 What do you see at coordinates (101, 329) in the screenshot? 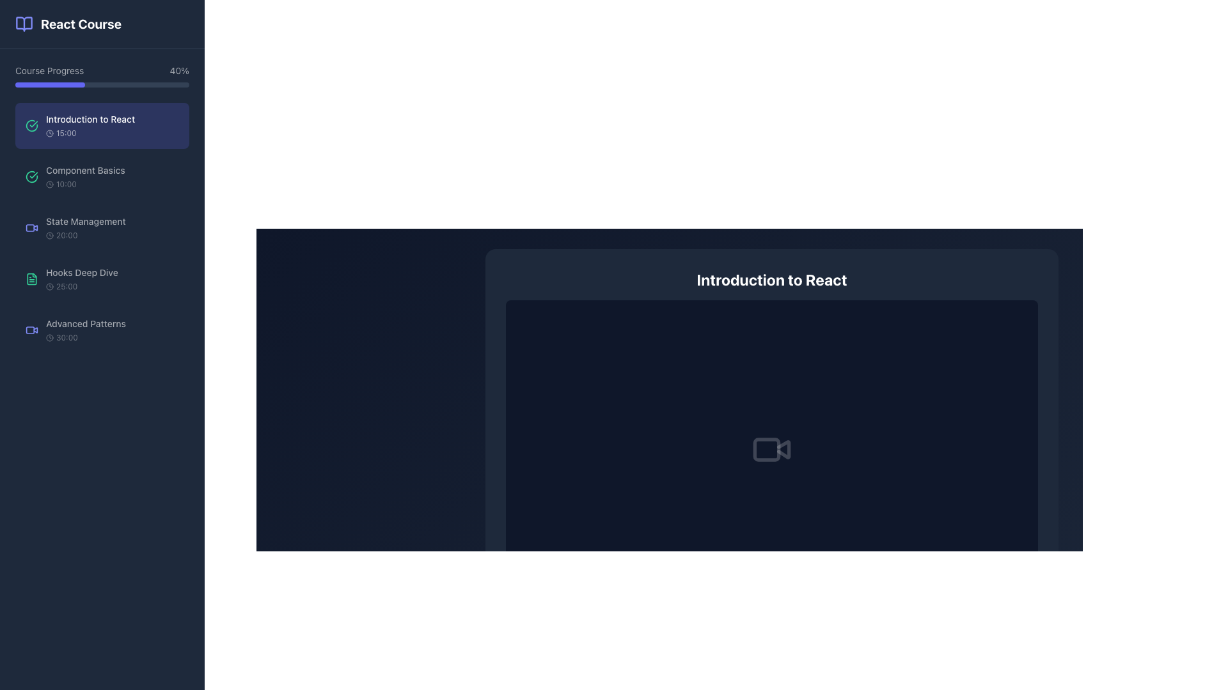
I see `the 'Advanced Patterns' course video list item button, which is the fifth item in a vertical list` at bounding box center [101, 329].